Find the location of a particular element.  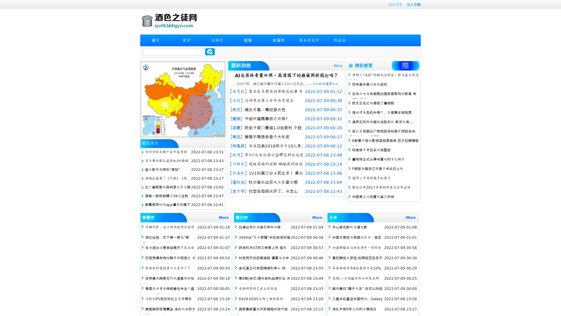

Search is located at coordinates (210, 51).